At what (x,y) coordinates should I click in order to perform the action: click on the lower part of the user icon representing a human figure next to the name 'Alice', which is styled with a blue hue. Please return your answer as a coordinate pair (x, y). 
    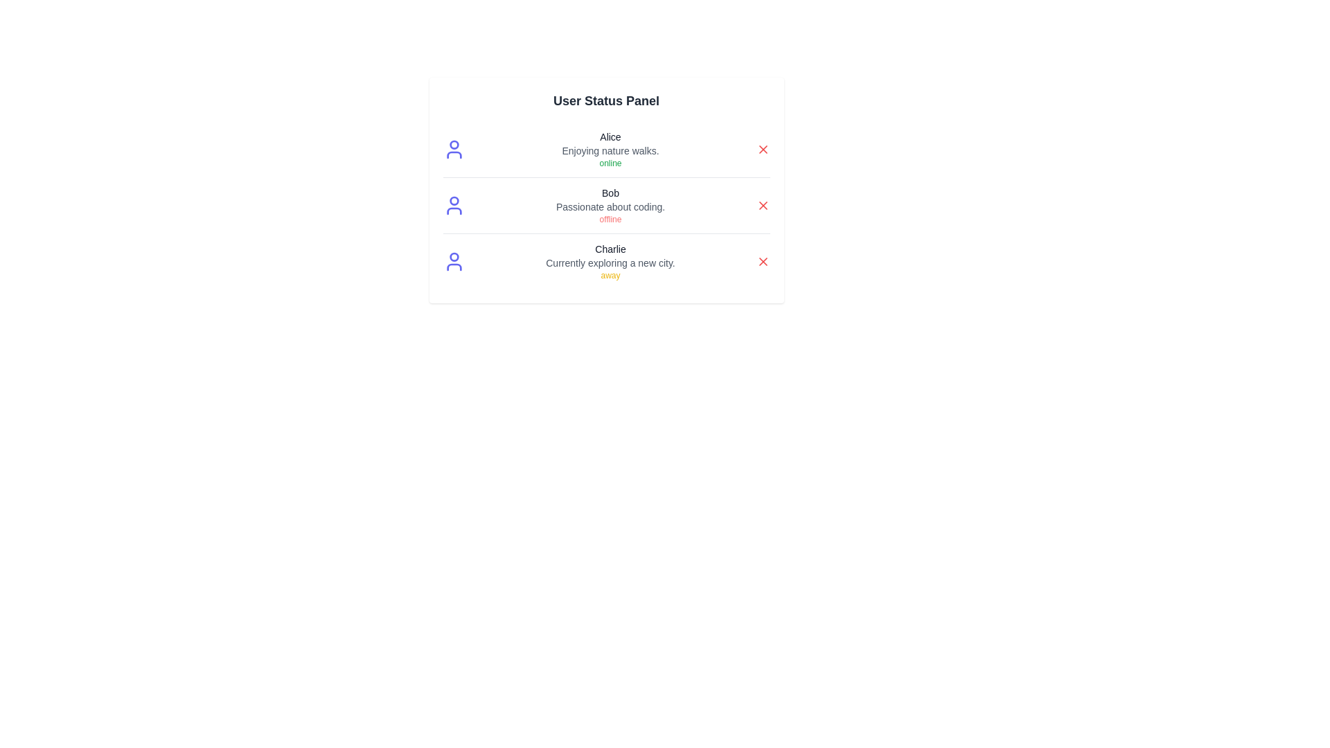
    Looking at the image, I should click on (454, 154).